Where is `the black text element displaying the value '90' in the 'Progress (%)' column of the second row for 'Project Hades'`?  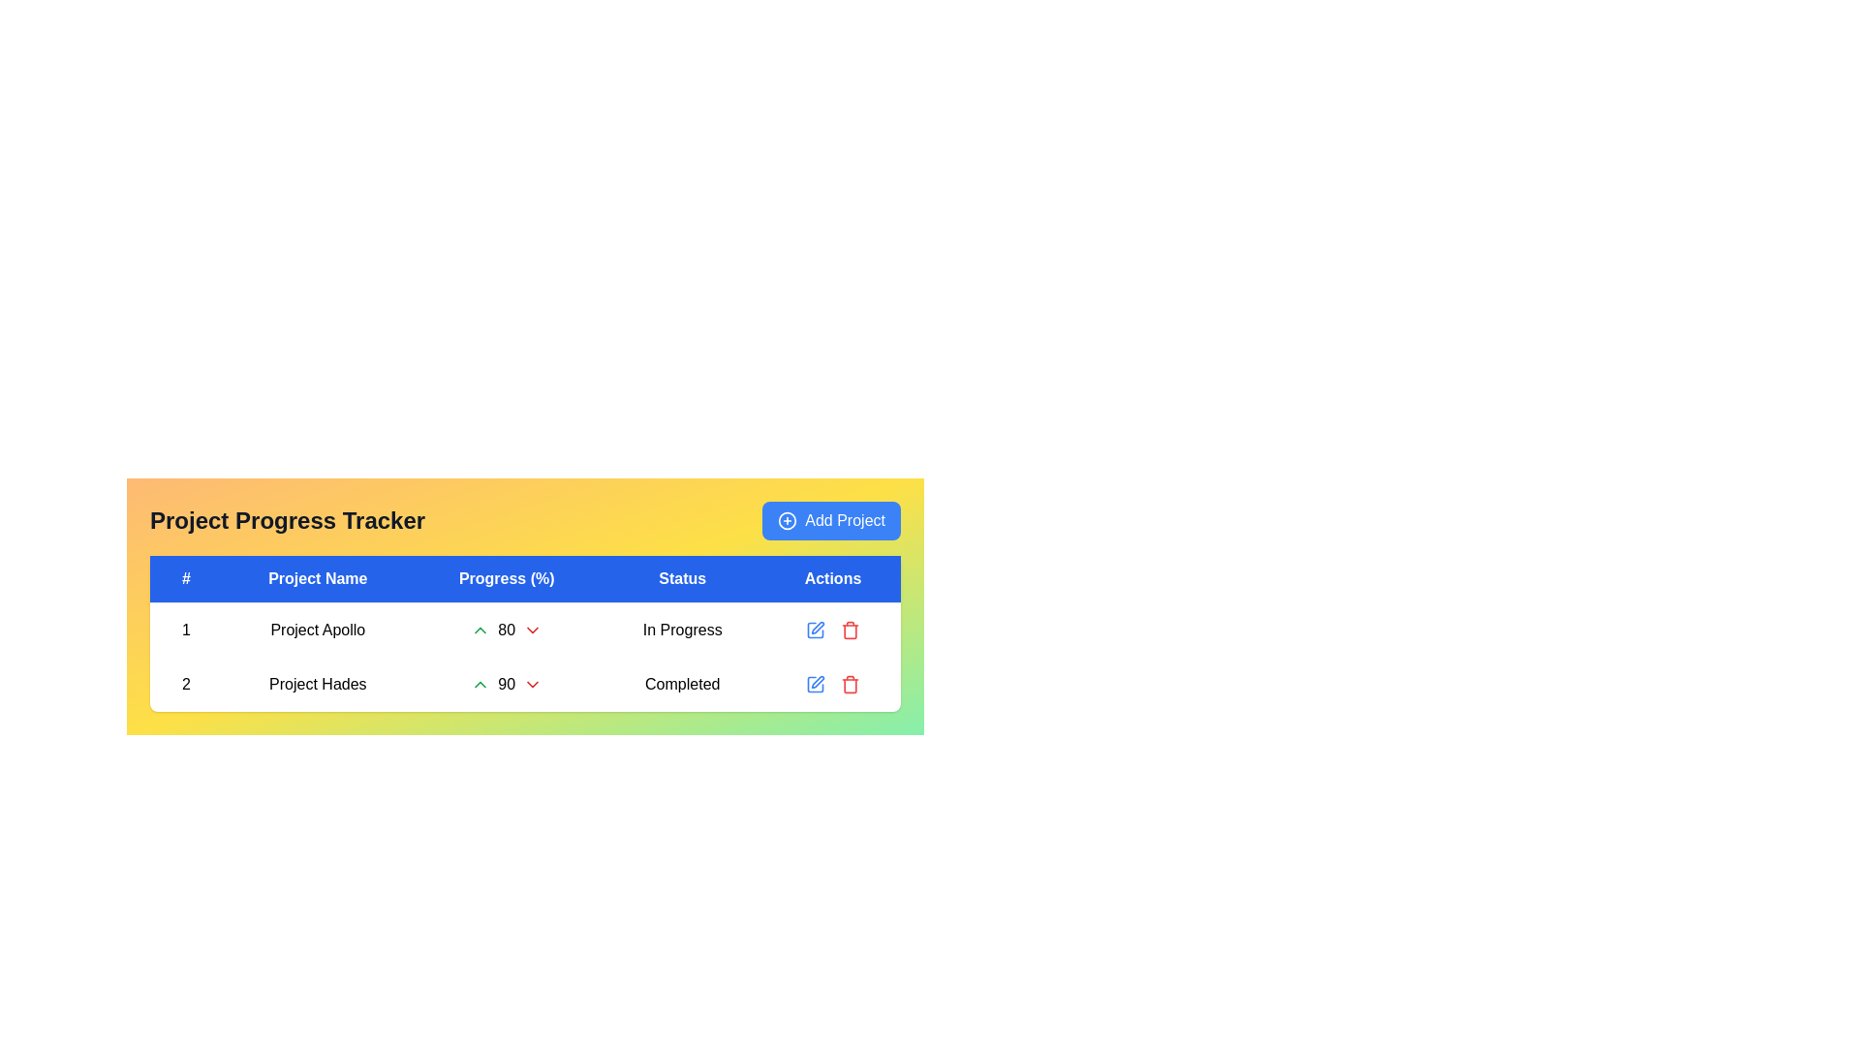
the black text element displaying the value '90' in the 'Progress (%)' column of the second row for 'Project Hades' is located at coordinates (507, 683).